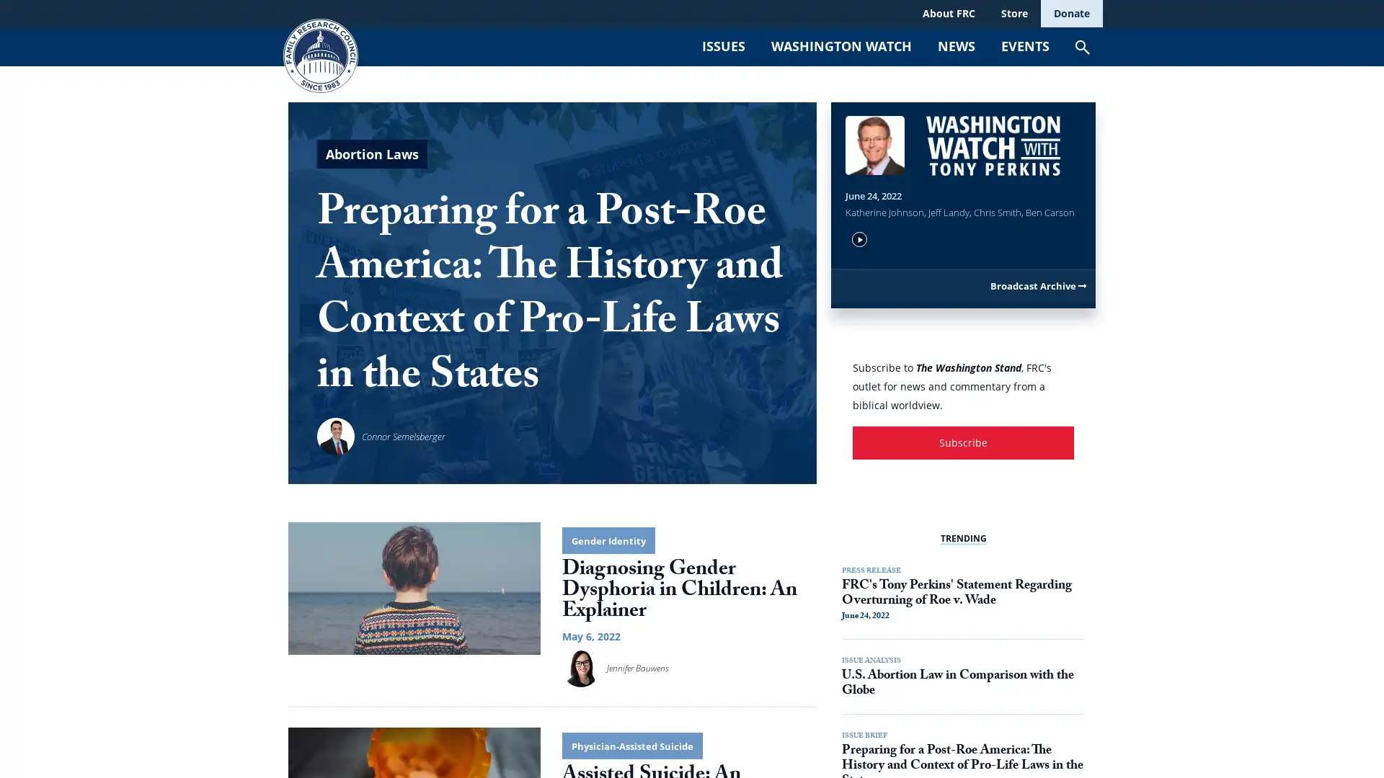 The height and width of the screenshot is (778, 1384). Describe the element at coordinates (859, 318) in the screenshot. I see `Play Video` at that location.